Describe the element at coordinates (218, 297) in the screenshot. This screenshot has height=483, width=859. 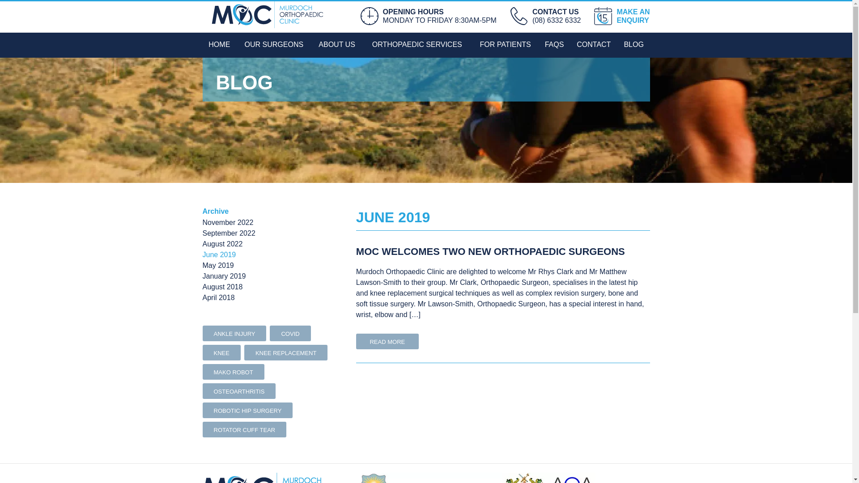
I see `'April 2018'` at that location.